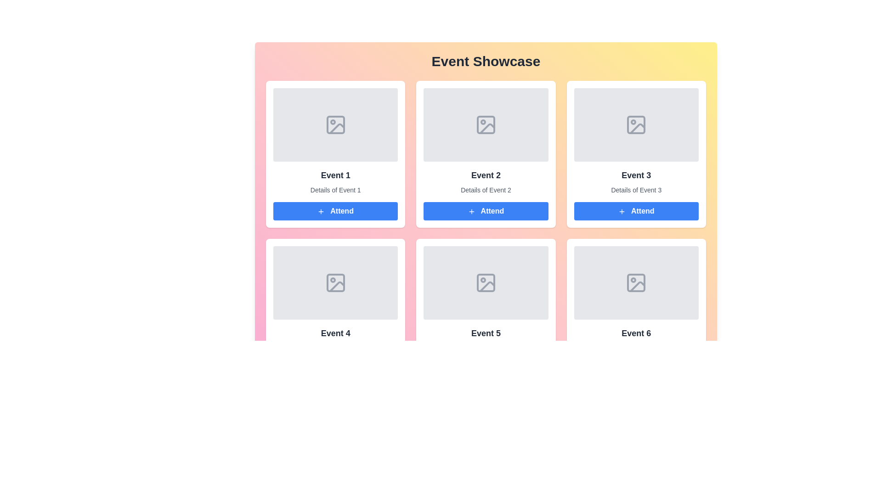  I want to click on image placeholder located at the top central part of the 'Event 4' card, aligned with the 'Event 4' title and 'Details of Event 4', above the 'Attend' button, so click(335, 282).